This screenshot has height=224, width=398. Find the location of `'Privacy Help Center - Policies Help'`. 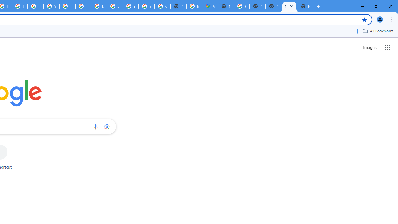

'Privacy Help Center - Policies Help' is located at coordinates (20, 6).